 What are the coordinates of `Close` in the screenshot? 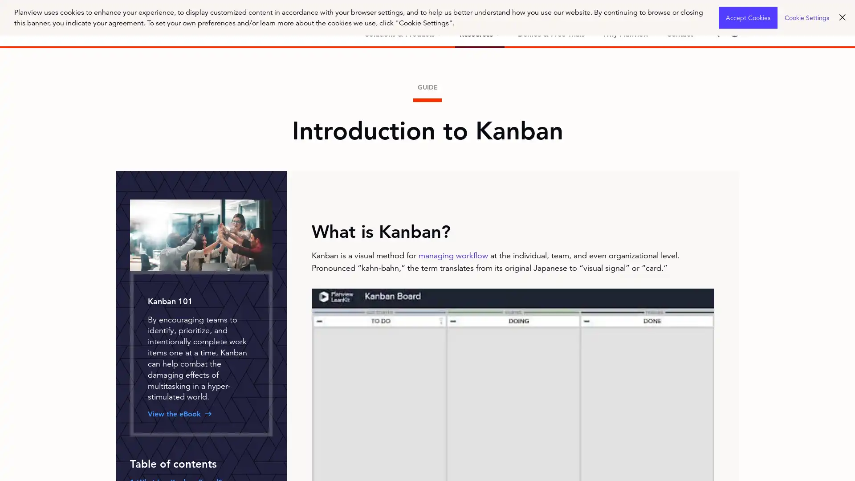 It's located at (842, 17).